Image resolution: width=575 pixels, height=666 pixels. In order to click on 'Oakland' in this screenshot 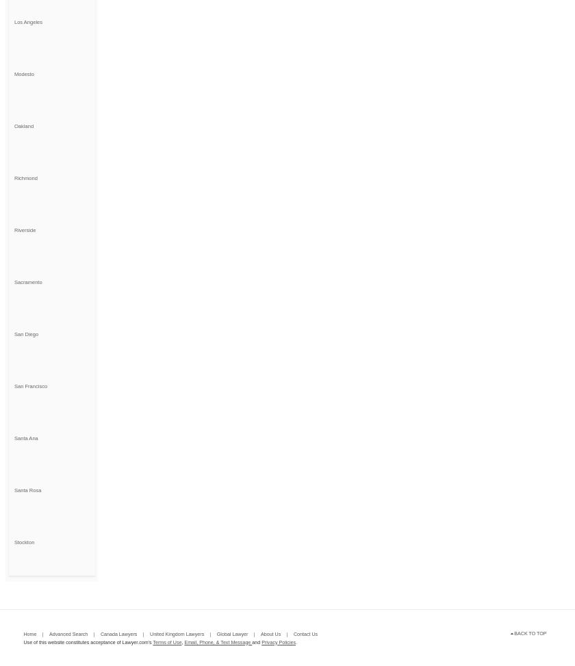, I will do `click(23, 125)`.